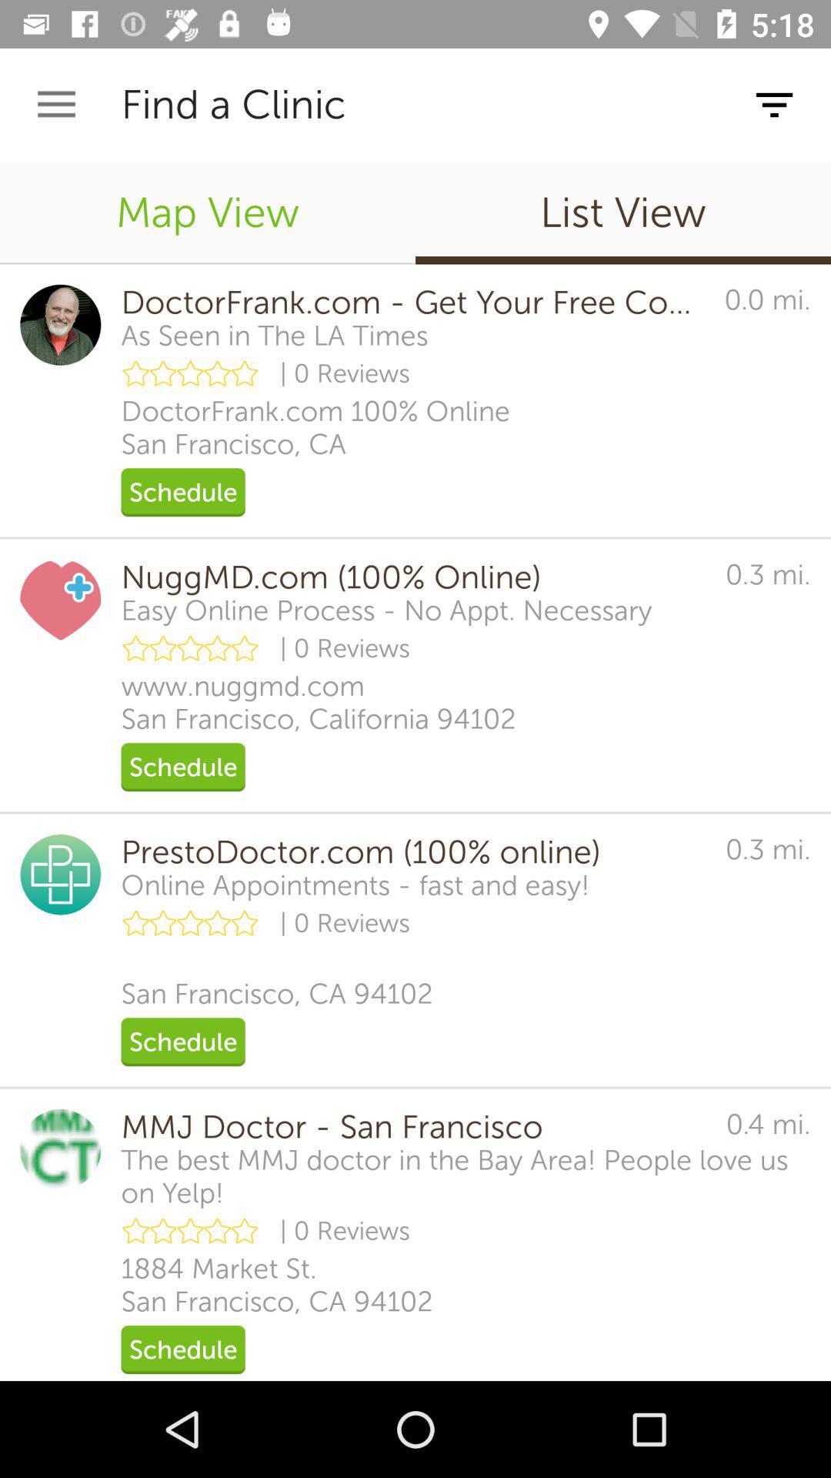 The image size is (831, 1478). What do you see at coordinates (275, 1285) in the screenshot?
I see `icon above schedule item` at bounding box center [275, 1285].